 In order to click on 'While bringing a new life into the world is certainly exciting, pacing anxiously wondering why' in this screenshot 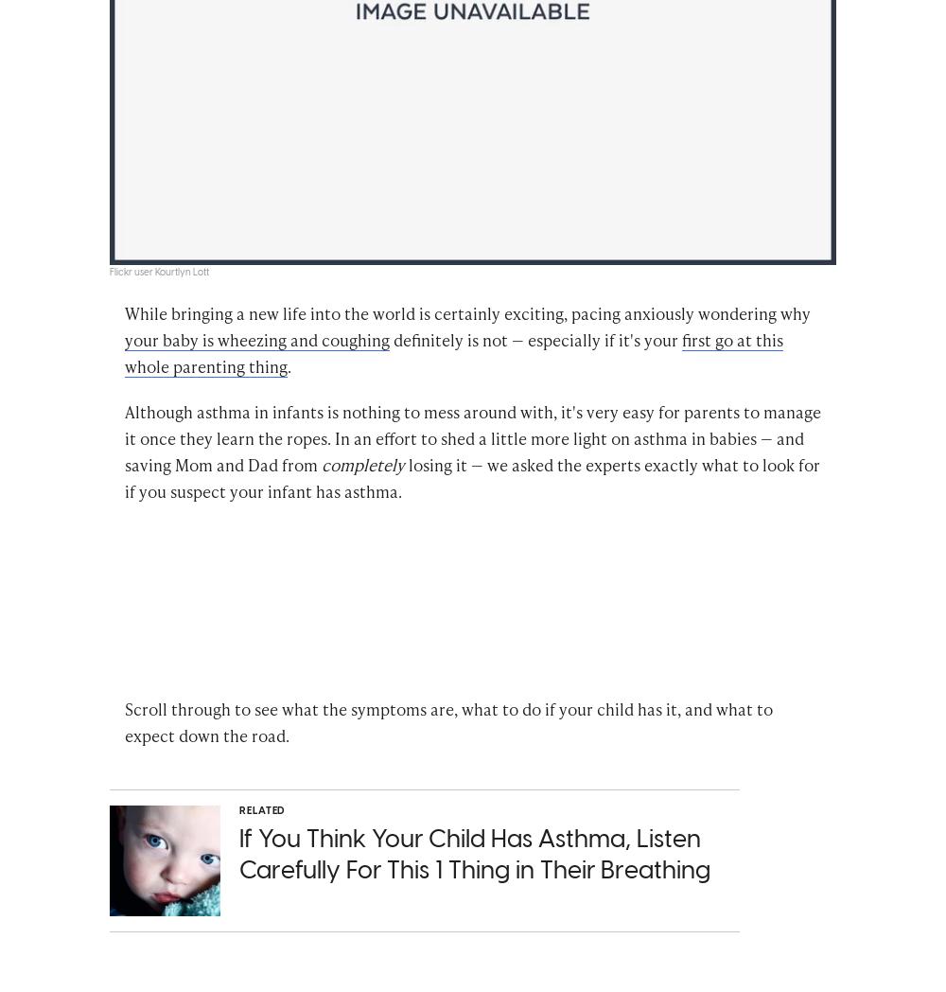, I will do `click(466, 315)`.